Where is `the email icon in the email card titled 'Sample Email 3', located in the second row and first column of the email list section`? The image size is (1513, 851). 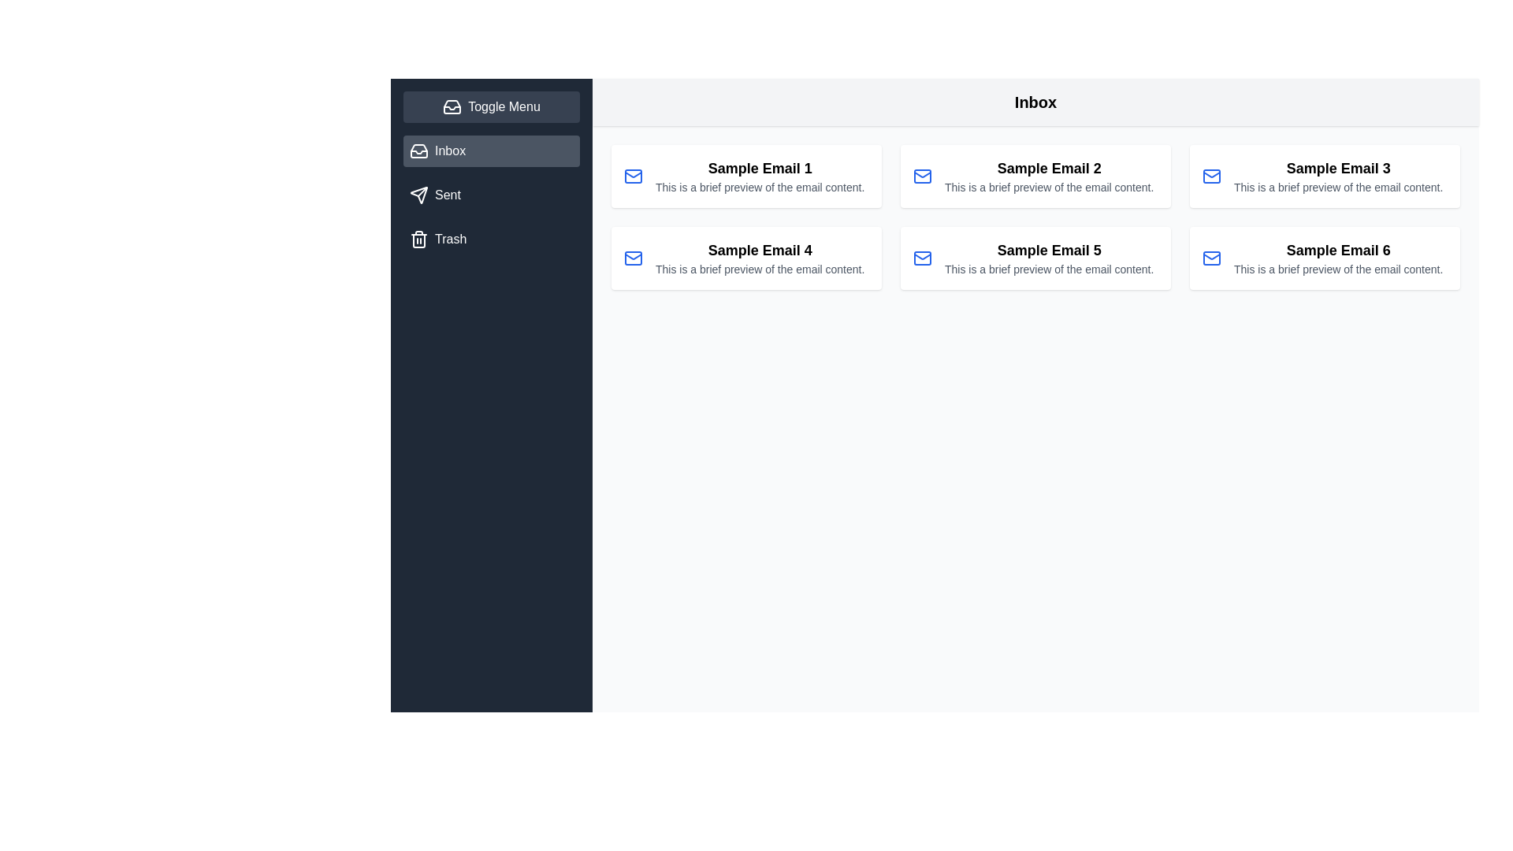 the email icon in the email card titled 'Sample Email 3', located in the second row and first column of the email list section is located at coordinates (1210, 176).